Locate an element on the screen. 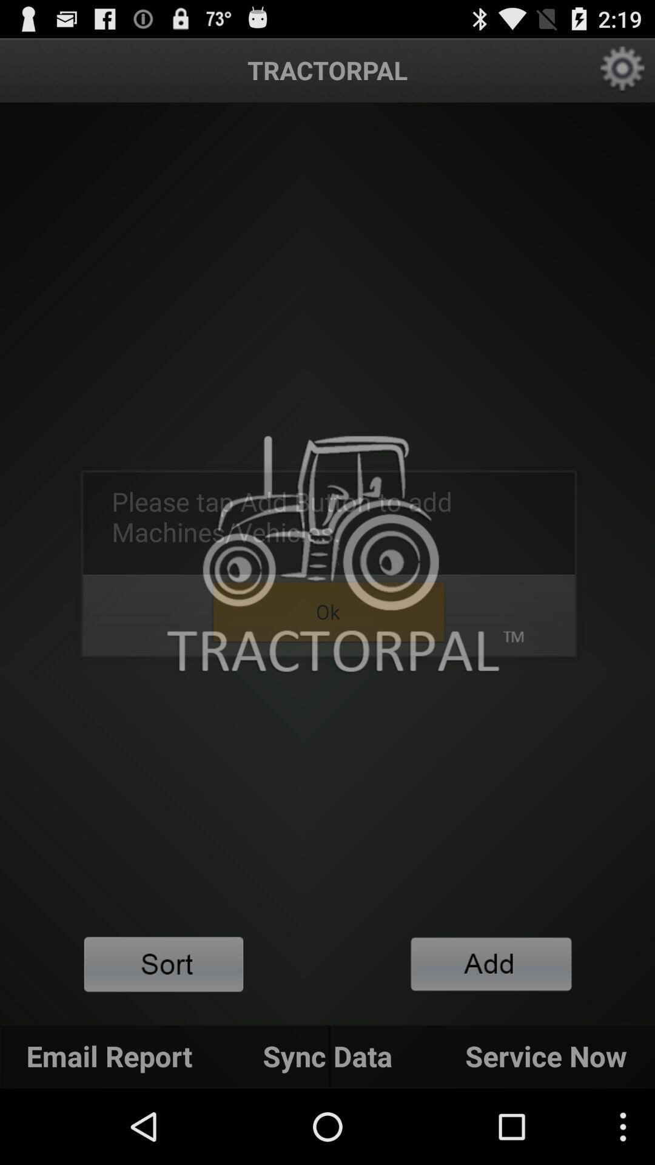 The height and width of the screenshot is (1165, 655). options and settings is located at coordinates (623, 69).